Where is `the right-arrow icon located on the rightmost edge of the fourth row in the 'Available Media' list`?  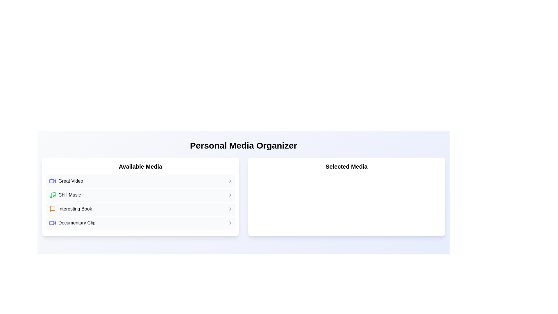
the right-arrow icon located on the rightmost edge of the fourth row in the 'Available Media' list is located at coordinates (229, 223).